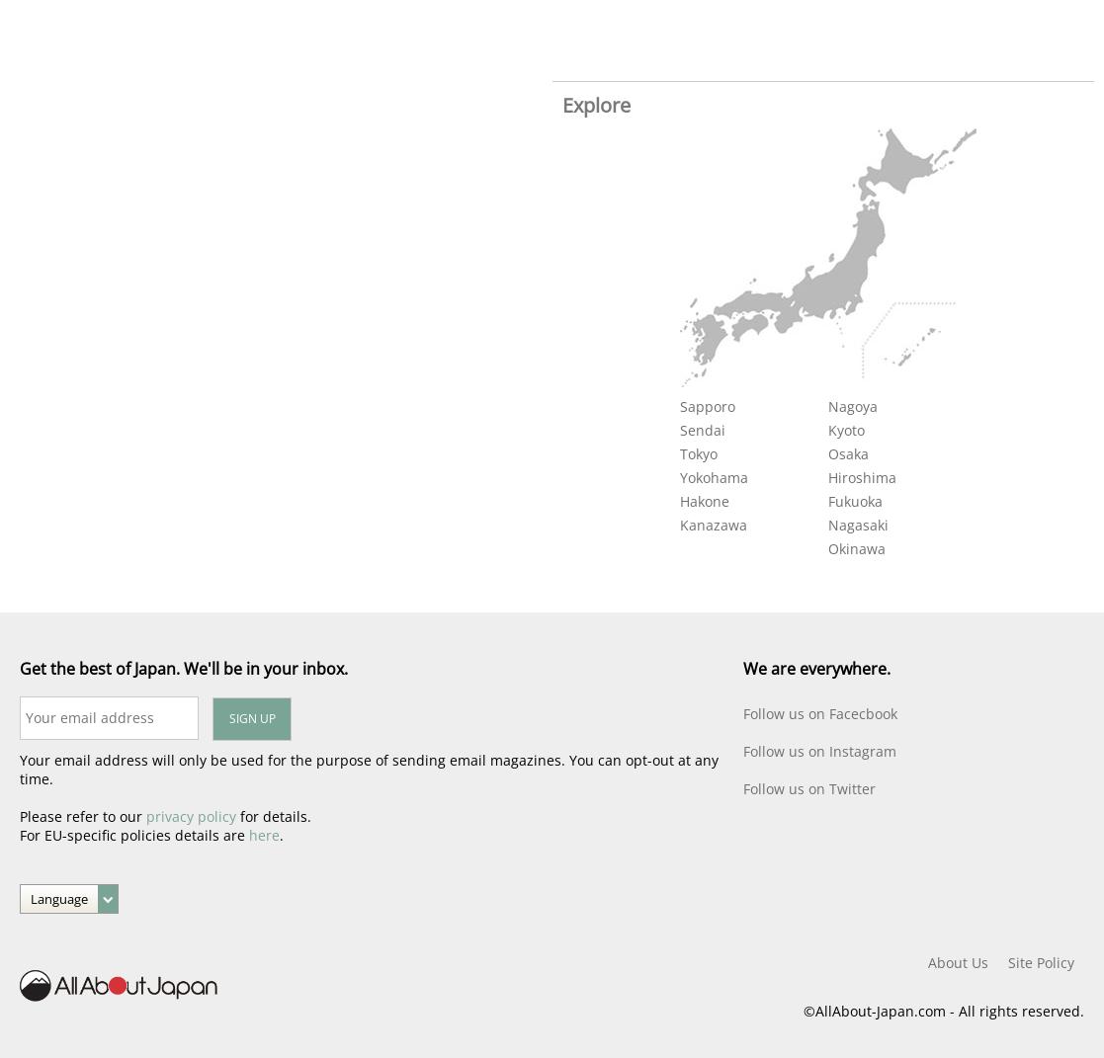 The image size is (1104, 1058). Describe the element at coordinates (819, 751) in the screenshot. I see `'Follow us on Instagram'` at that location.